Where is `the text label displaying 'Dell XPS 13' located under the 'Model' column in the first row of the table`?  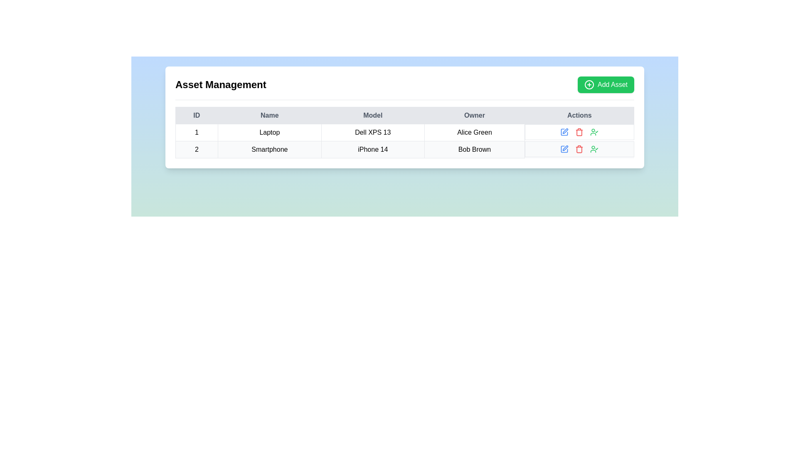 the text label displaying 'Dell XPS 13' located under the 'Model' column in the first row of the table is located at coordinates (372, 132).